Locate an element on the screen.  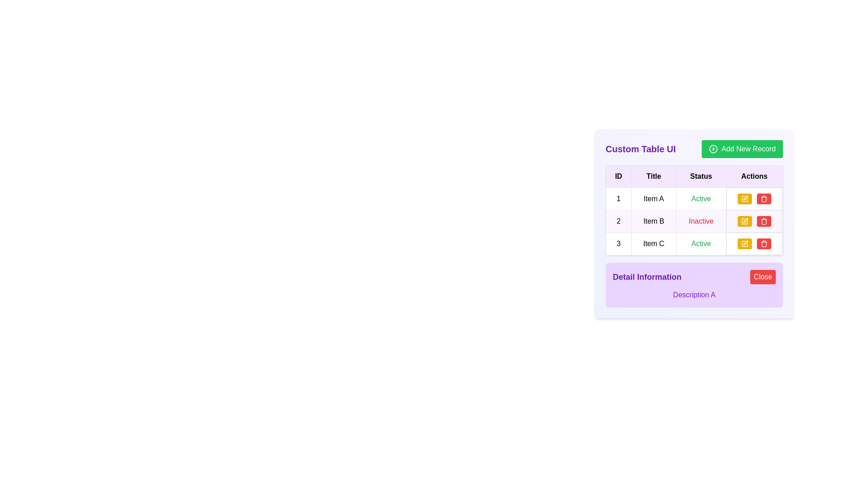
the green text label reading 'Active' located in the 'Status' column of the first row in the 'Custom Table UI' is located at coordinates (700, 198).